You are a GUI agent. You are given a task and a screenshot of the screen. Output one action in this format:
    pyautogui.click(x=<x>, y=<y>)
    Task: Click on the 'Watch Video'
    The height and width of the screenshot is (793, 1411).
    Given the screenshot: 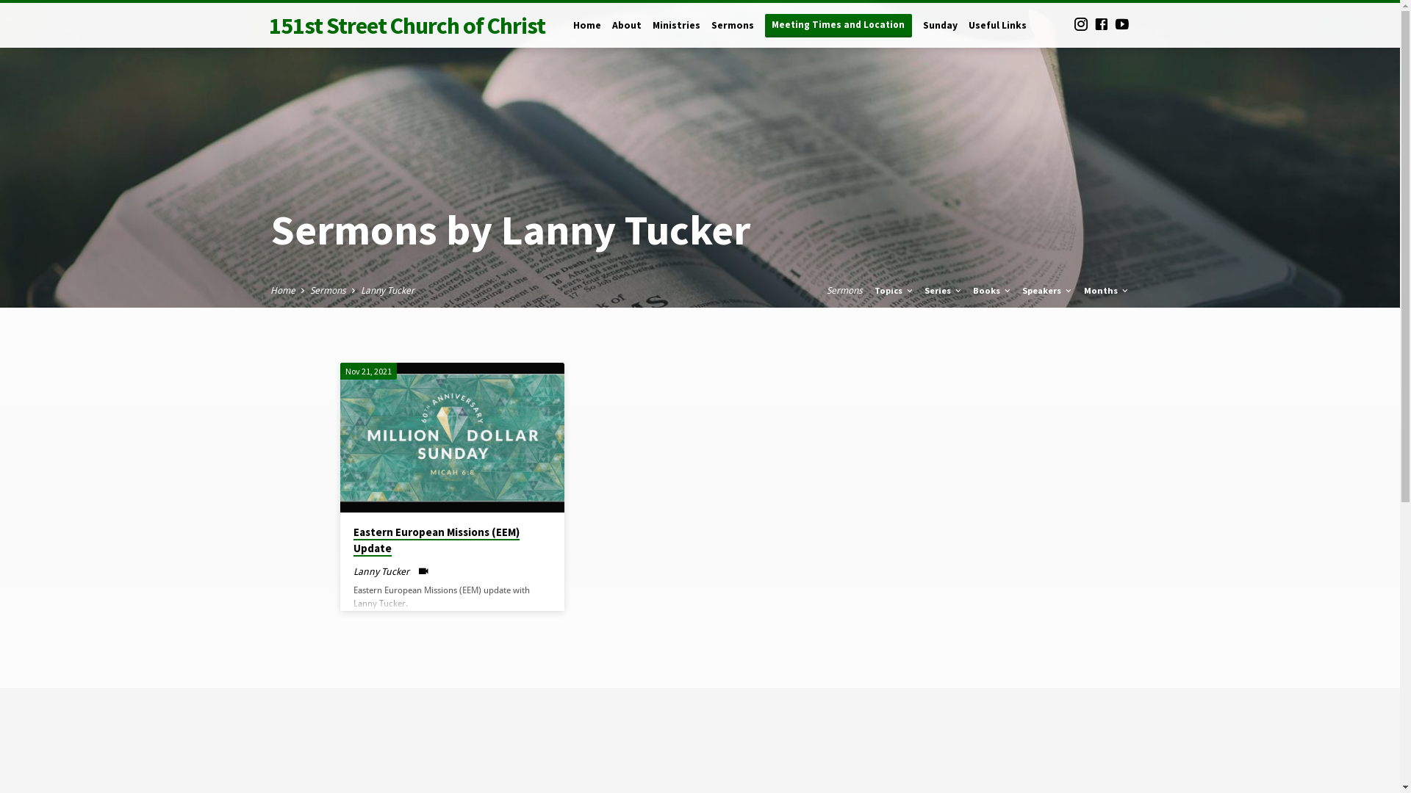 What is the action you would take?
    pyautogui.click(x=423, y=571)
    